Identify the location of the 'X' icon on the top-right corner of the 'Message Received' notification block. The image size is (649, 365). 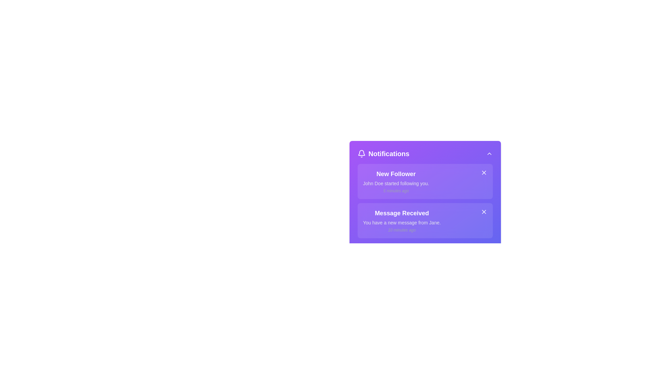
(483, 212).